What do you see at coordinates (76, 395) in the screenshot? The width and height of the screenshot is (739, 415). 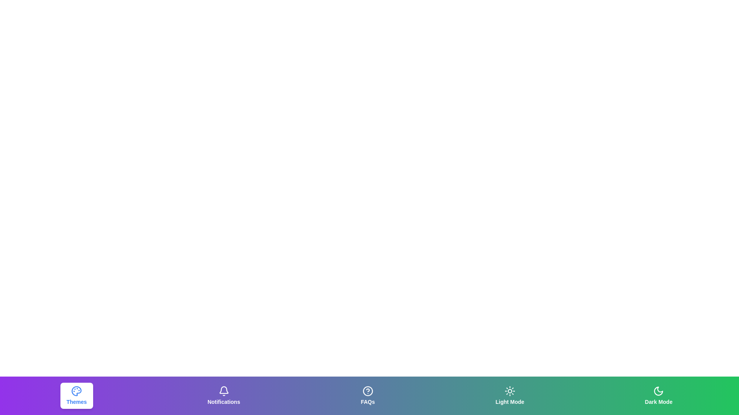 I see `the tab labeled Themes to select it` at bounding box center [76, 395].